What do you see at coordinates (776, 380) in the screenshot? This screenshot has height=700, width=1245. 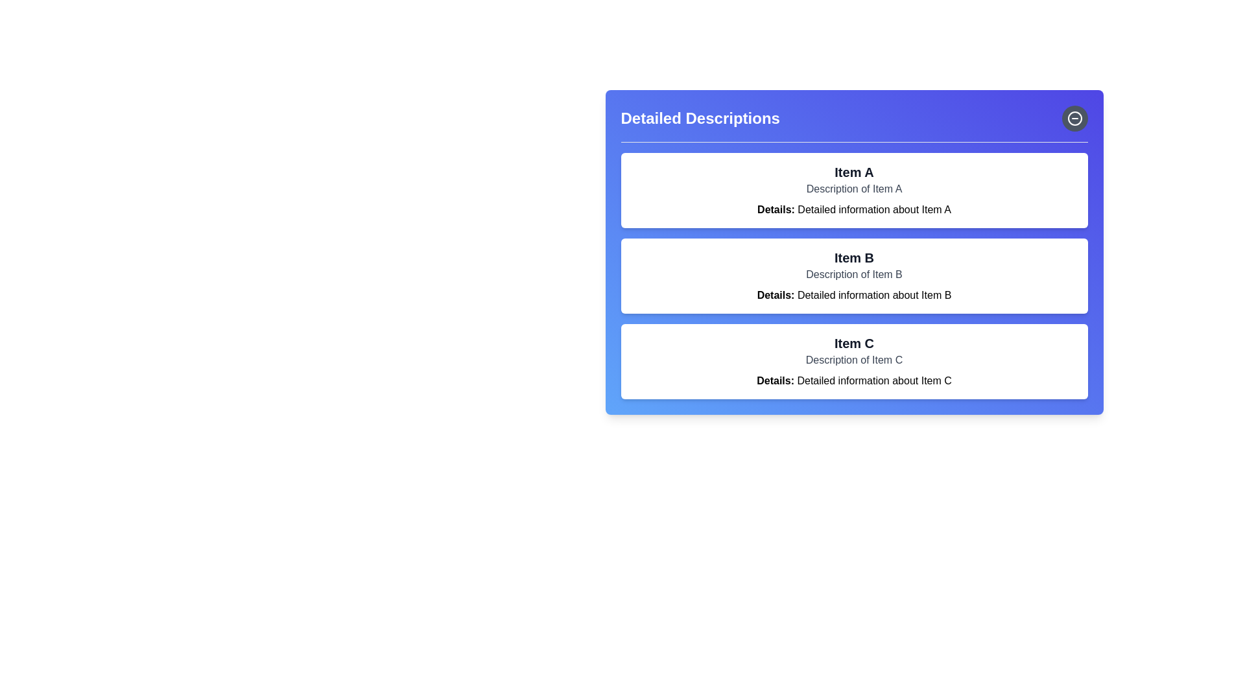 I see `the text label for 'Item C' located under the header 'Detailed Descriptions'` at bounding box center [776, 380].